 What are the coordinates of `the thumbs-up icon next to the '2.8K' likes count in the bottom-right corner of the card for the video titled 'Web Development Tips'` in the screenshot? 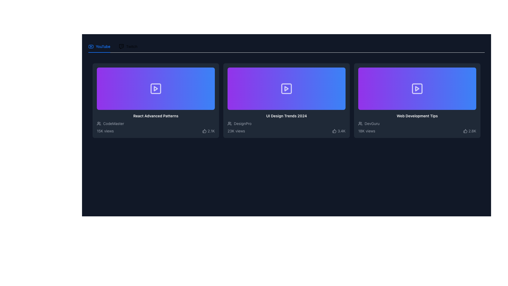 It's located at (470, 131).